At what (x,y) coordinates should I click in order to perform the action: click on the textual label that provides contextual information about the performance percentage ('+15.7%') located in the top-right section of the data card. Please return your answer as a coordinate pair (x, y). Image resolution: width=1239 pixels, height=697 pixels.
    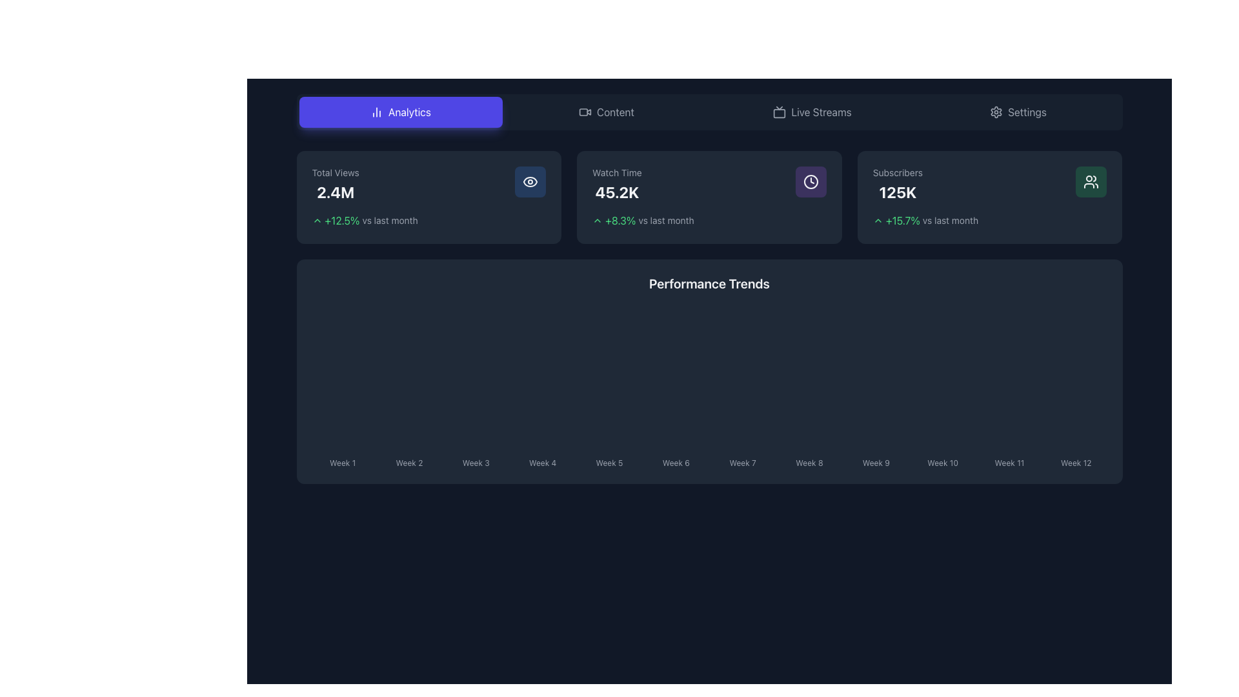
    Looking at the image, I should click on (951, 220).